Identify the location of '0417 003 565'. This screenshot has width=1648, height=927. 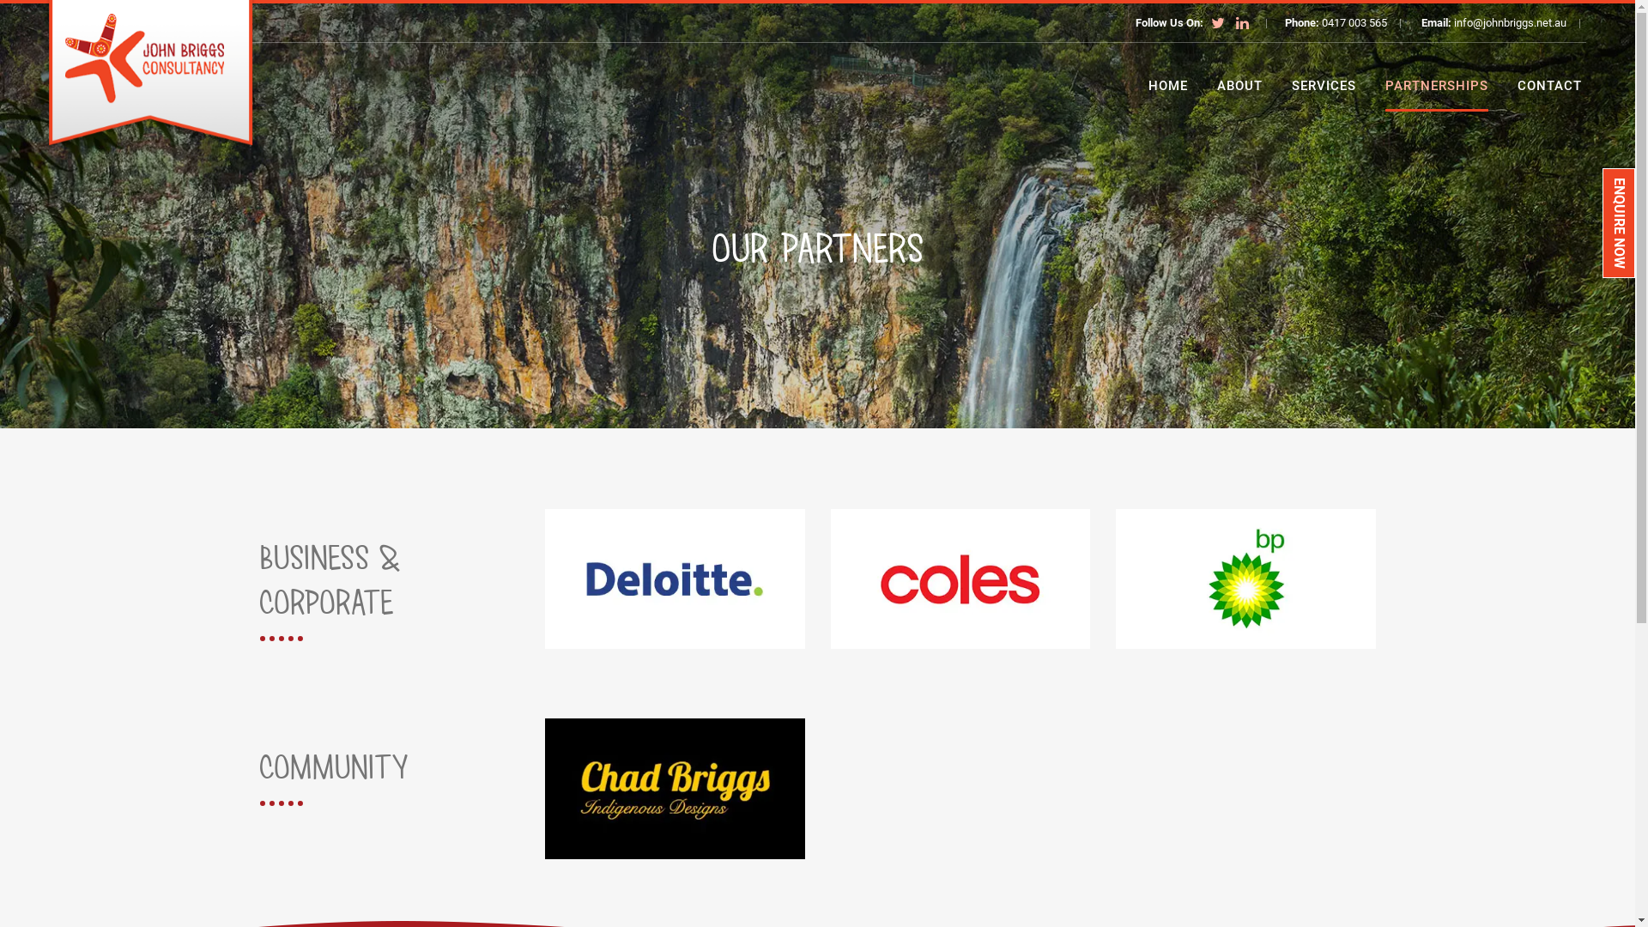
(1321, 22).